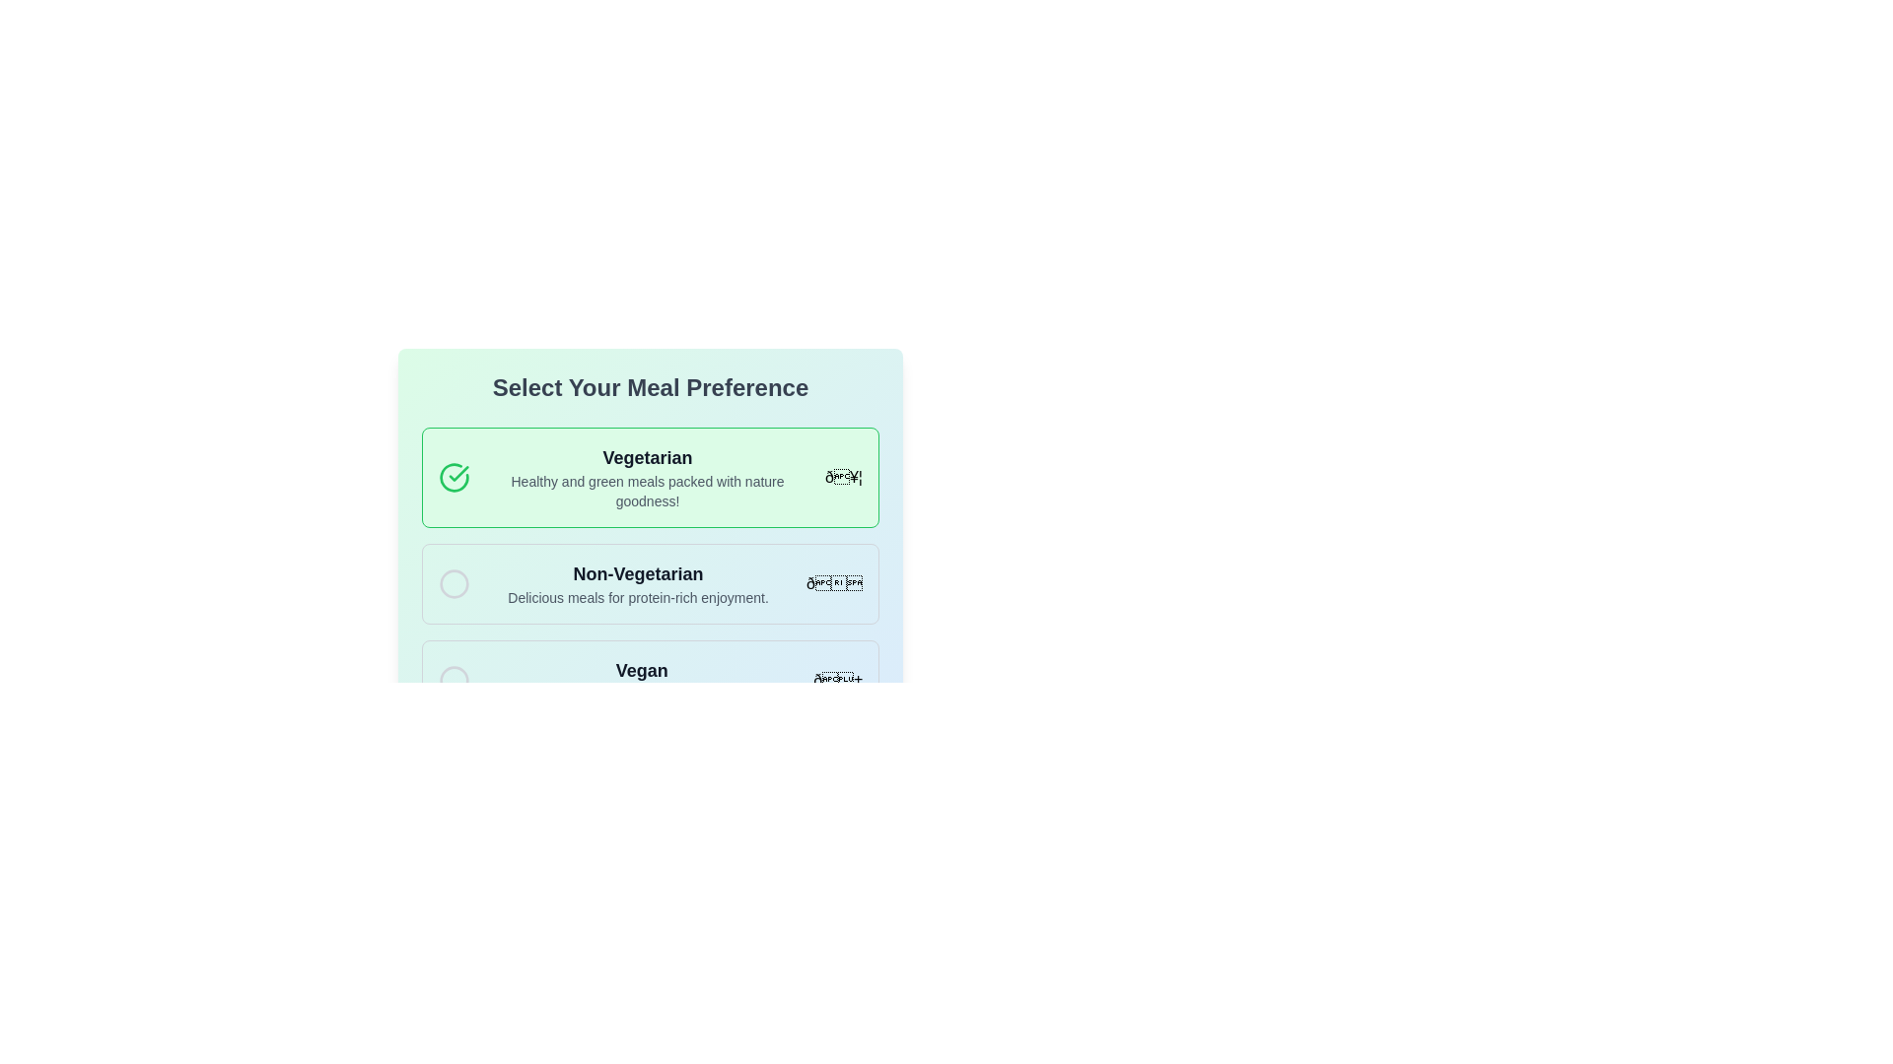 This screenshot has height=1064, width=1893. What do you see at coordinates (648, 490) in the screenshot?
I see `the text label that reads 'Healthy and green meals packed with nature goodness!' located below the subtitle 'Vegetarian' in the meal preference selection interface` at bounding box center [648, 490].